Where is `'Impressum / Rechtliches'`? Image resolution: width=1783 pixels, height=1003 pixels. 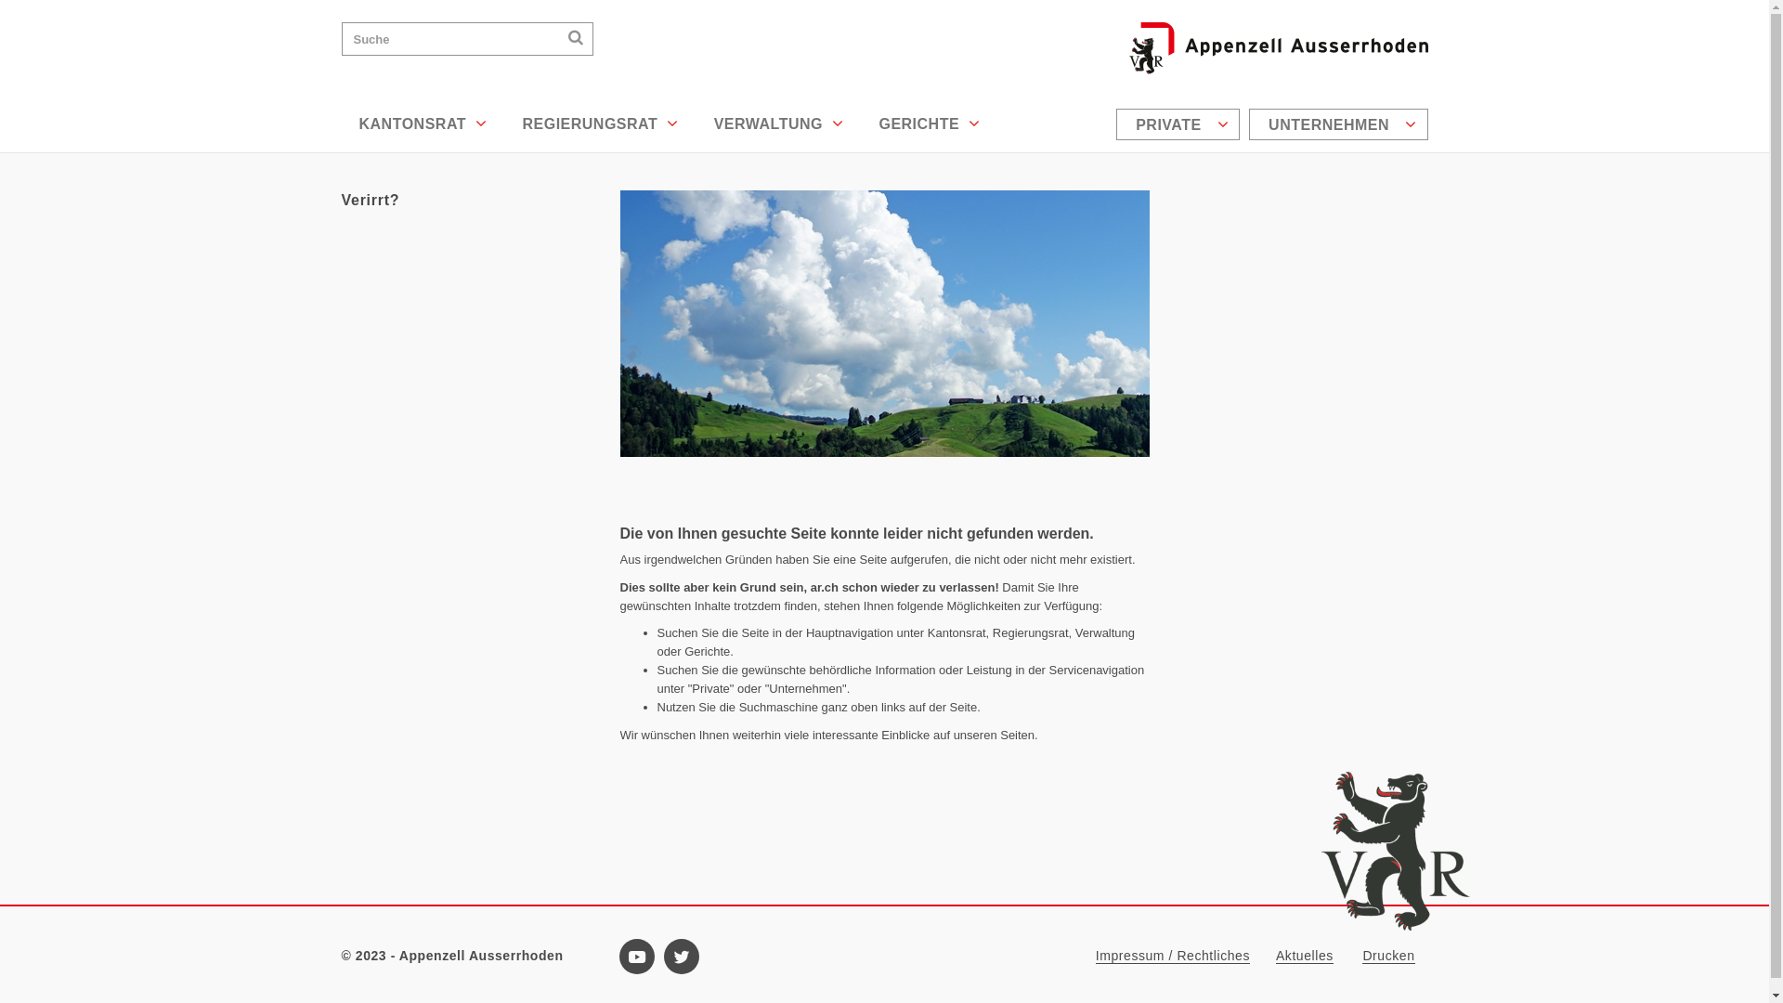 'Impressum / Rechtliches' is located at coordinates (1171, 956).